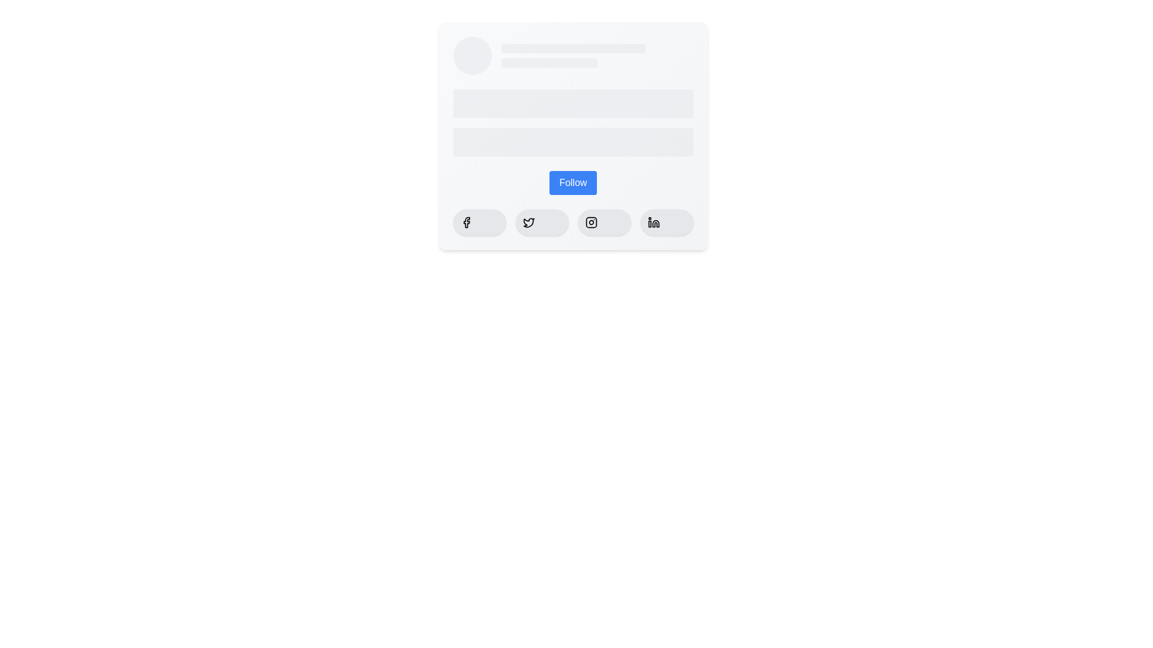 The height and width of the screenshot is (648, 1153). What do you see at coordinates (572, 141) in the screenshot?
I see `the Placeholder component, a rectangular element with rounded edges and a neutral gray color, located below its sibling in a vertical stack` at bounding box center [572, 141].